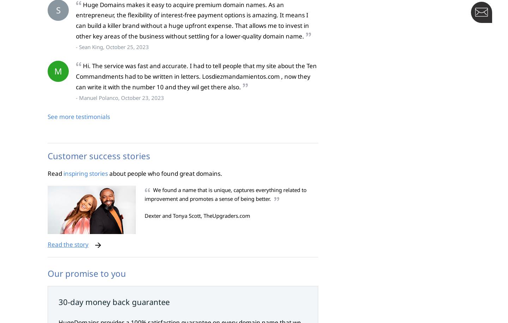 The height and width of the screenshot is (323, 508). Describe the element at coordinates (120, 97) in the screenshot. I see `'- Manuel Polanco, October 23, 2023'` at that location.